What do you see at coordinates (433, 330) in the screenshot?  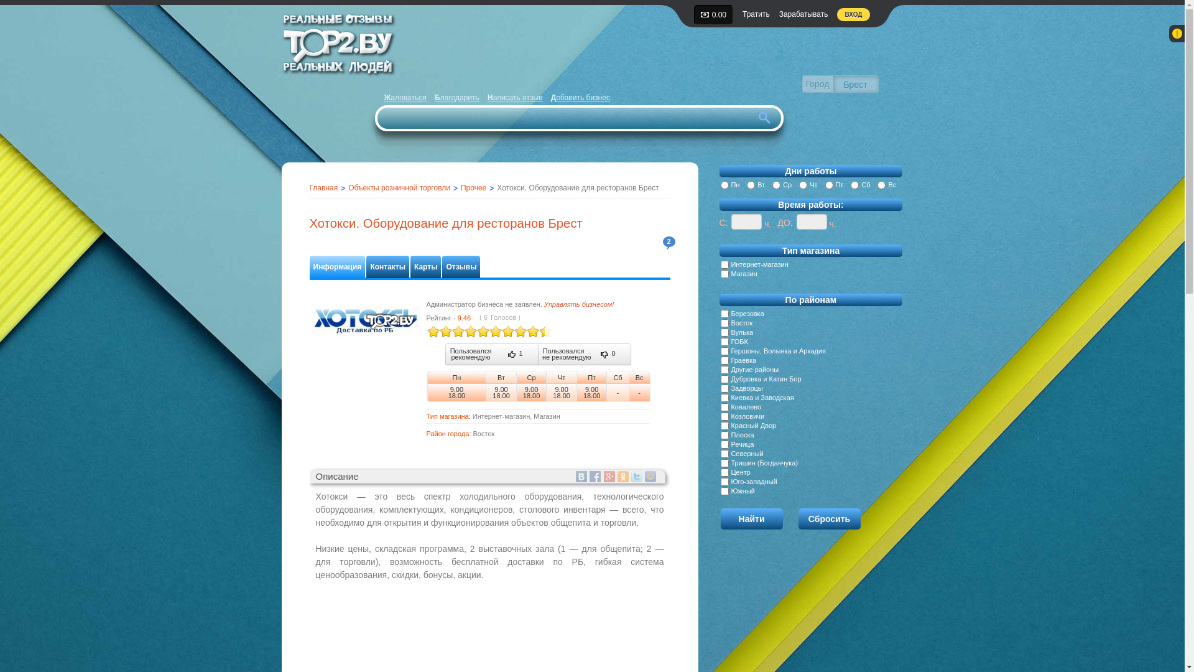 I see `'1'` at bounding box center [433, 330].